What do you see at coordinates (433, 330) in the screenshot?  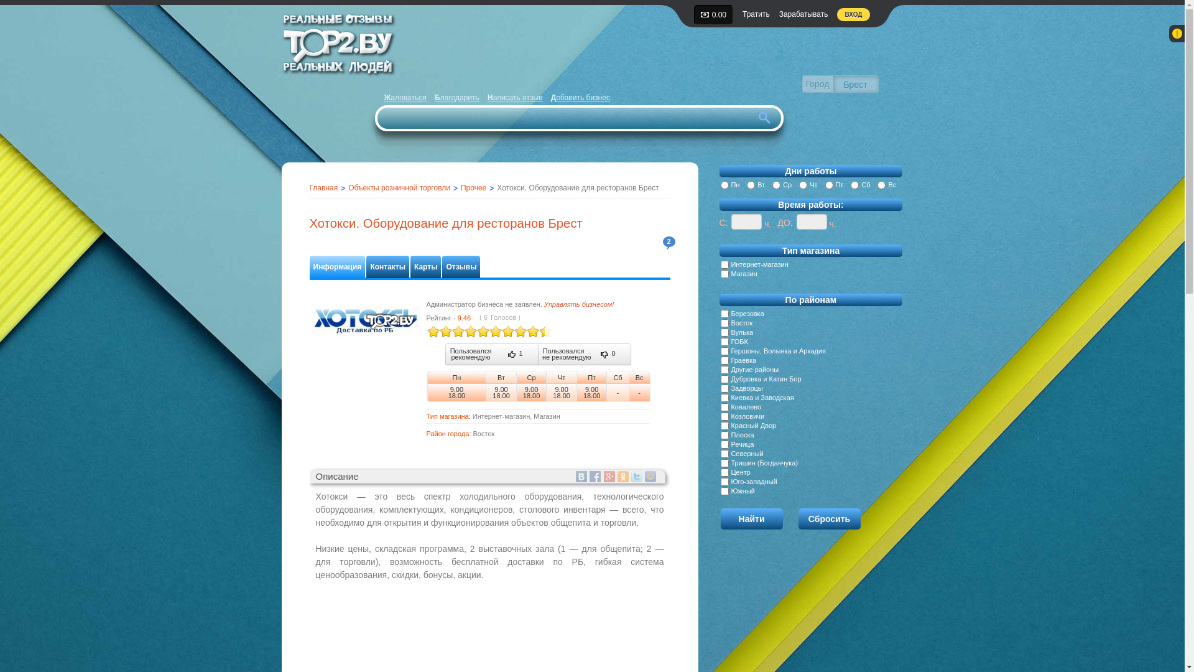 I see `'1'` at bounding box center [433, 330].